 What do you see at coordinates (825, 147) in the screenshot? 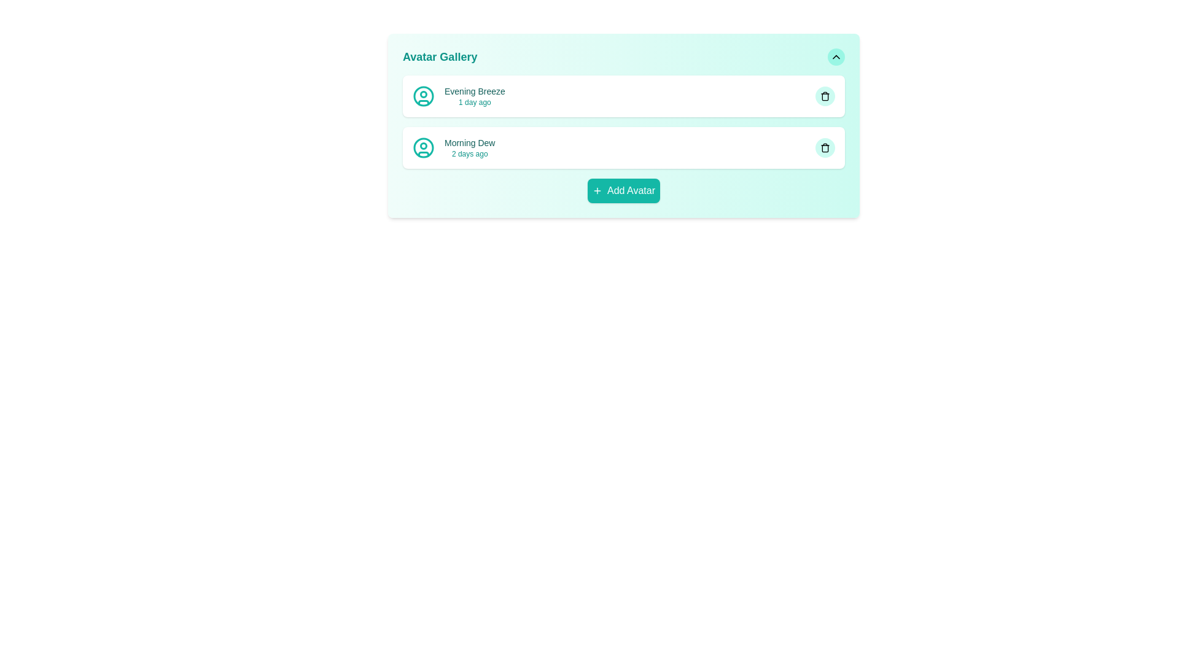
I see `the teal circular delete button (Trash icon) located in the top-right corner of the second list item labeled 'Morning Dew'` at bounding box center [825, 147].